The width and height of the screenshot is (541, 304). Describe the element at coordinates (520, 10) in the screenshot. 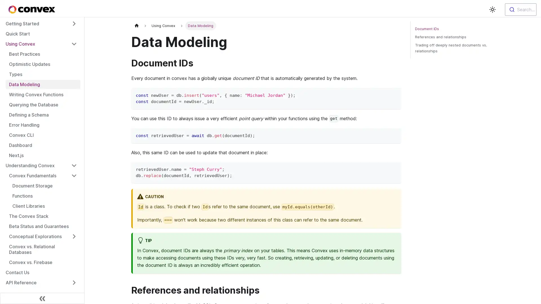

I see `Search...` at that location.